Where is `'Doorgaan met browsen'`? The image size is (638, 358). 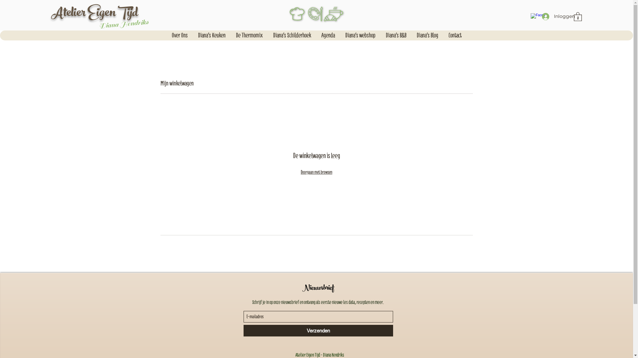
'Doorgaan met browsen' is located at coordinates (316, 172).